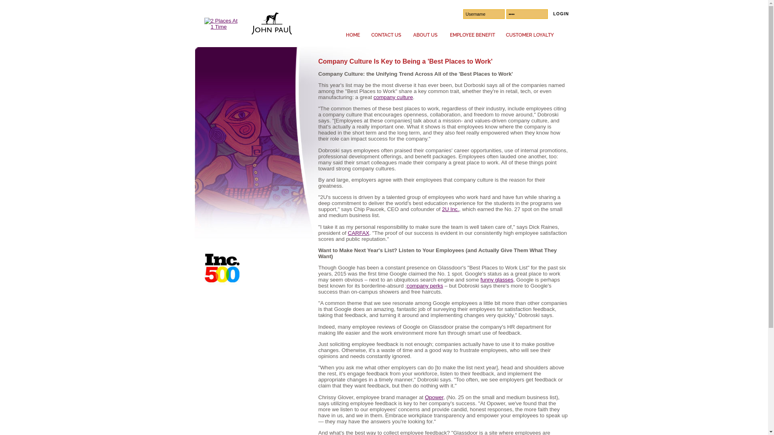  I want to click on 'EMPLOYEE BENEFIT', so click(472, 35).